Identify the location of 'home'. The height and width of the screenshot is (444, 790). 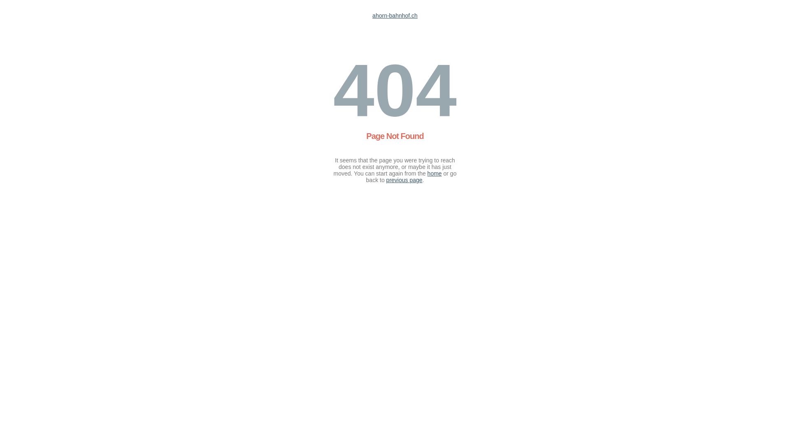
(434, 173).